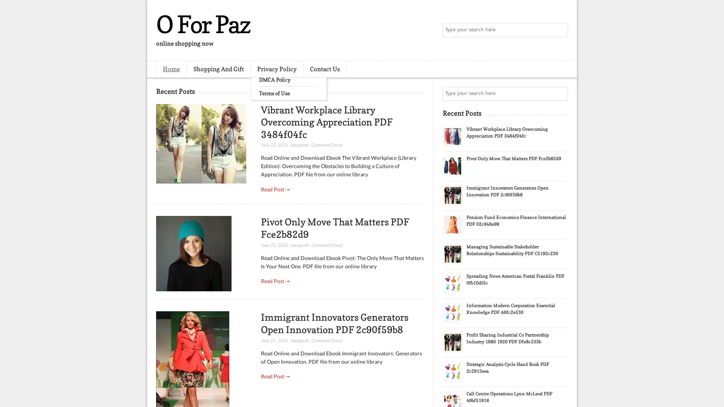 The image size is (724, 407). I want to click on Search, so click(560, 93).